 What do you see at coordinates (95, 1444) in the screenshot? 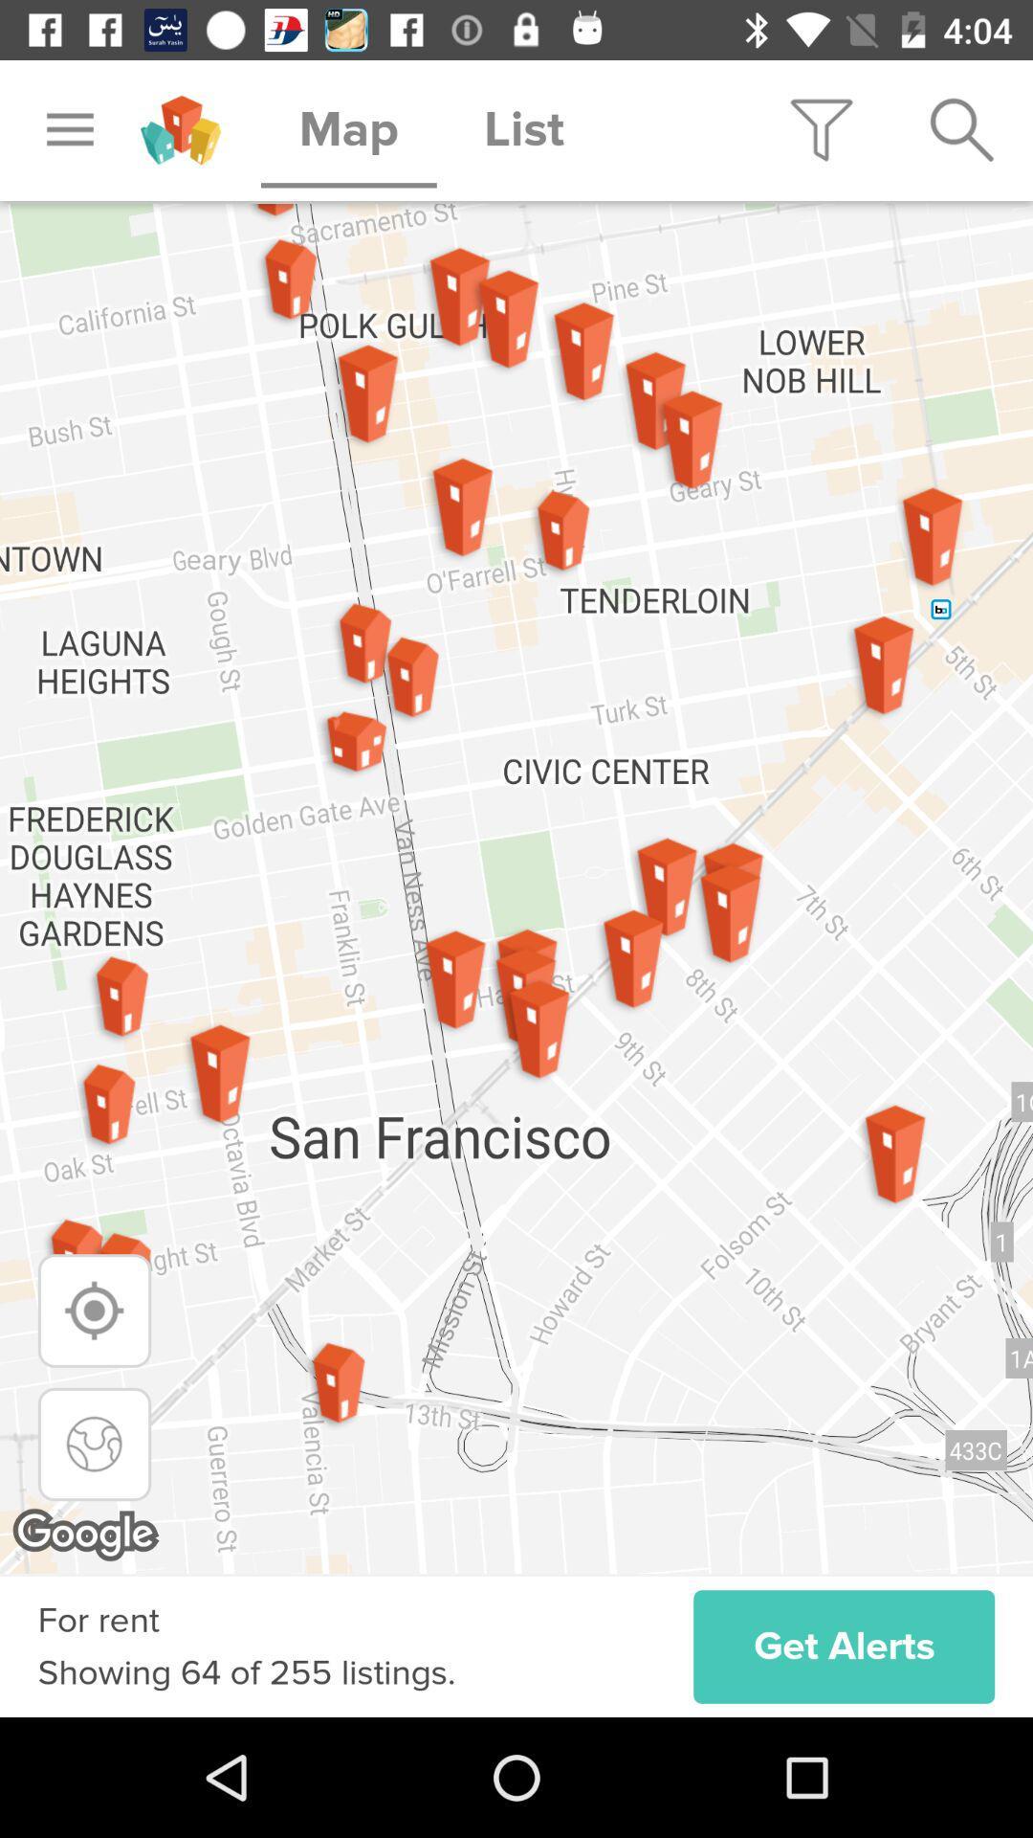
I see `recenter map view` at bounding box center [95, 1444].